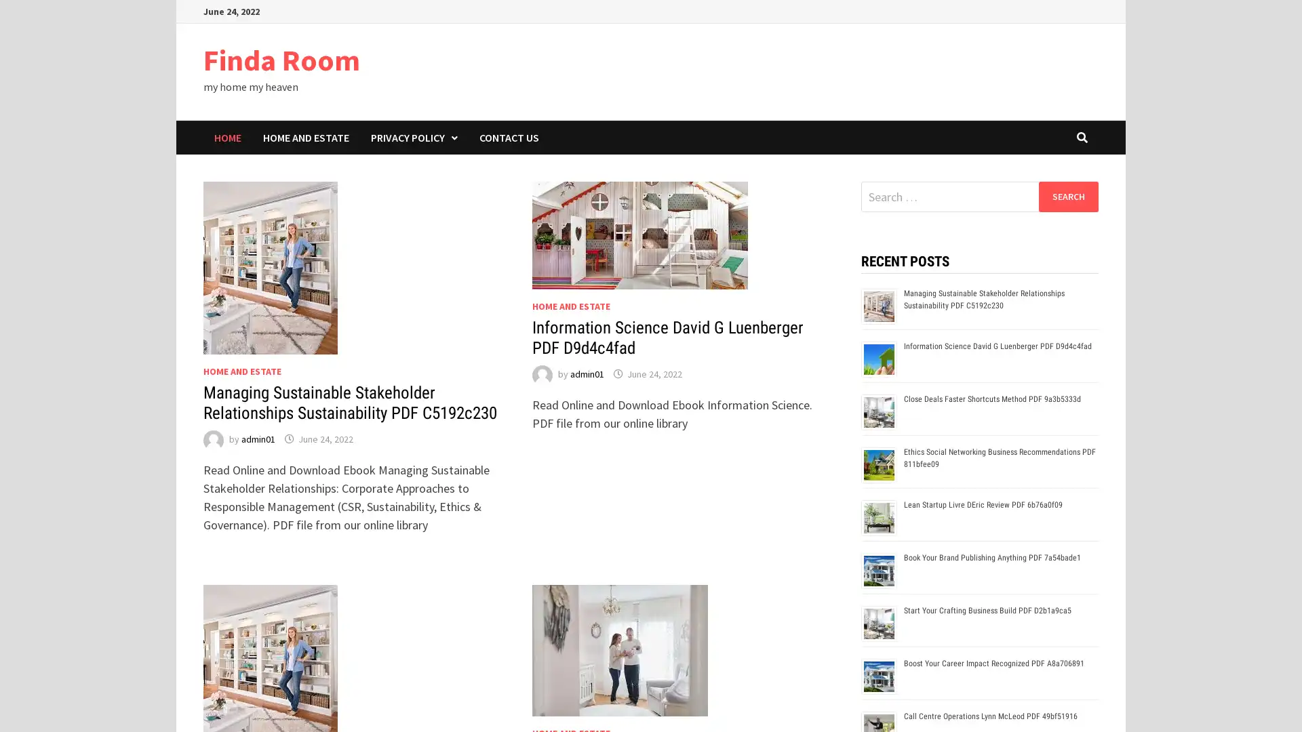 The image size is (1302, 732). What do you see at coordinates (1067, 196) in the screenshot?
I see `Search` at bounding box center [1067, 196].